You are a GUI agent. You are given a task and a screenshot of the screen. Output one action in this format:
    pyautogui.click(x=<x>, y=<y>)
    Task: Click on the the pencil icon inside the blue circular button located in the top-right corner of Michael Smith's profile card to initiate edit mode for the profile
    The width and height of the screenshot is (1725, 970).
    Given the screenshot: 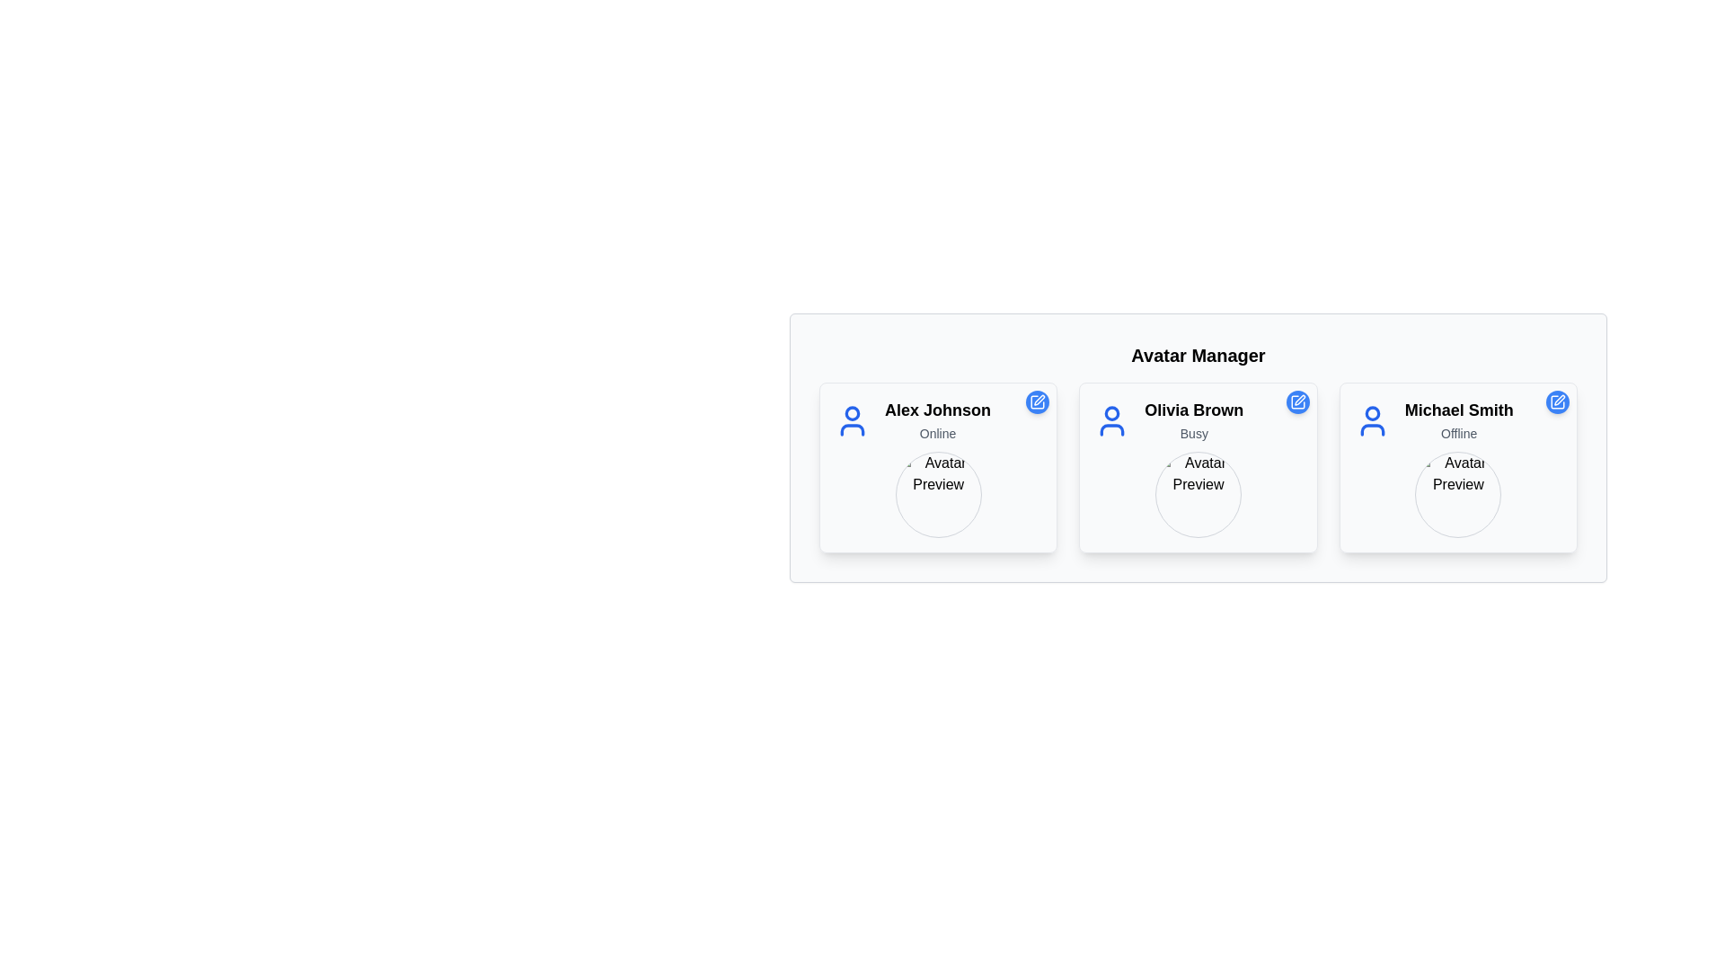 What is the action you would take?
    pyautogui.click(x=1556, y=401)
    